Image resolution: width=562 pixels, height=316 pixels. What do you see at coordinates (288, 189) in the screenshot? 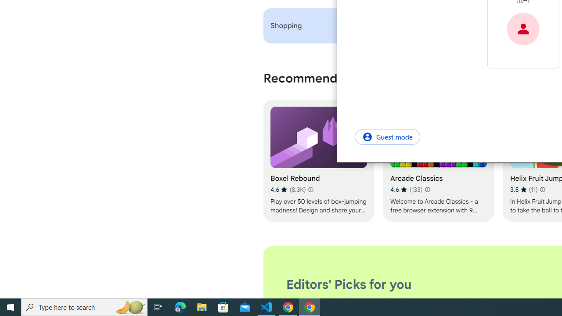
I see `'Average rating 4.6 out of 5 stars. 8.3K ratings.'` at bounding box center [288, 189].